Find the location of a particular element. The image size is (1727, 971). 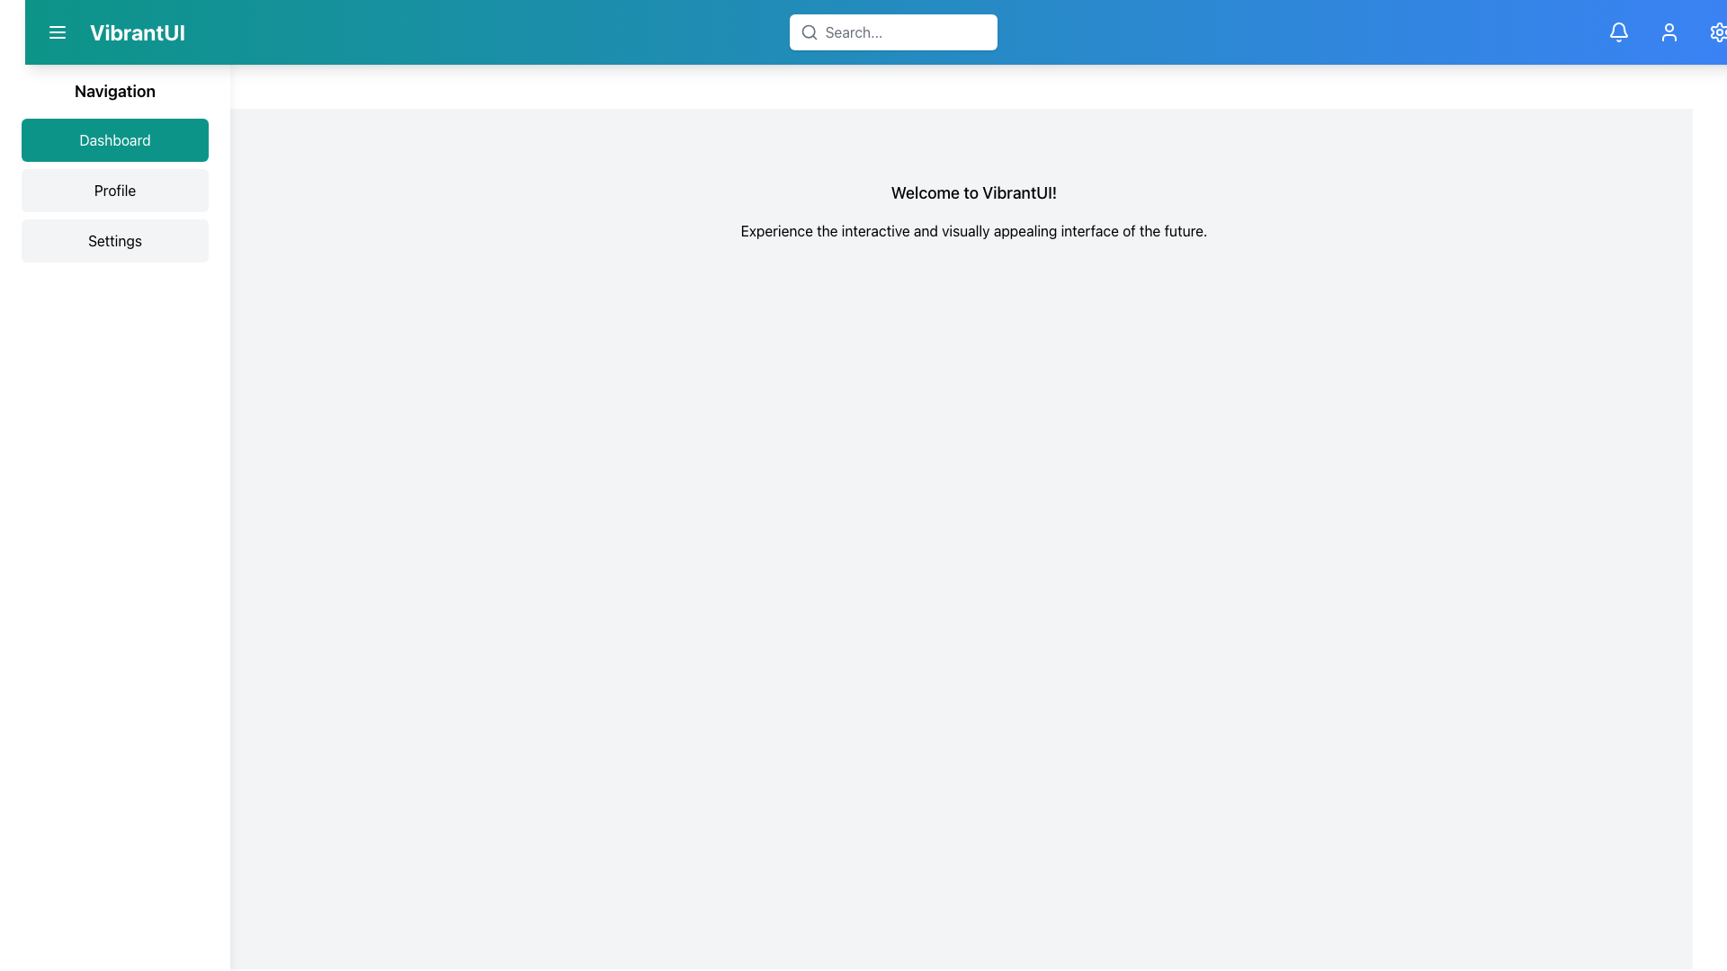

the user profile menu icon located in the top-right corner of the interface is located at coordinates (1669, 31).